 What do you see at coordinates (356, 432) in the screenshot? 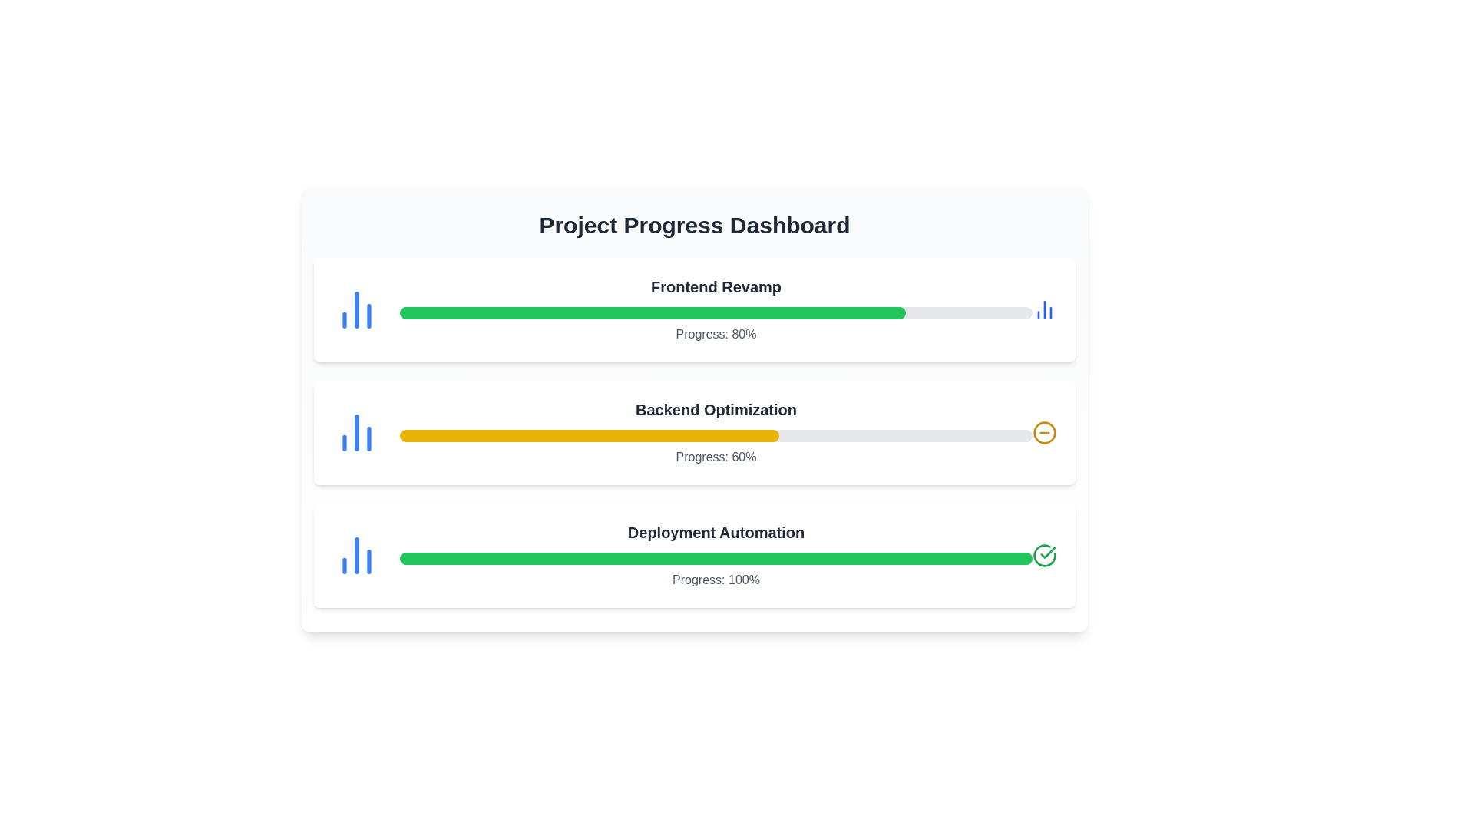
I see `the chart or analytics icon located in the 'Backend Optimization' section, positioned to the left of the yellow progress bar` at bounding box center [356, 432].